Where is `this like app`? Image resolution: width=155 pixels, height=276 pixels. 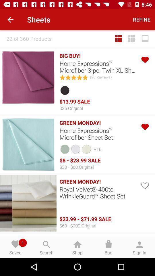
this like app is located at coordinates (144, 59).